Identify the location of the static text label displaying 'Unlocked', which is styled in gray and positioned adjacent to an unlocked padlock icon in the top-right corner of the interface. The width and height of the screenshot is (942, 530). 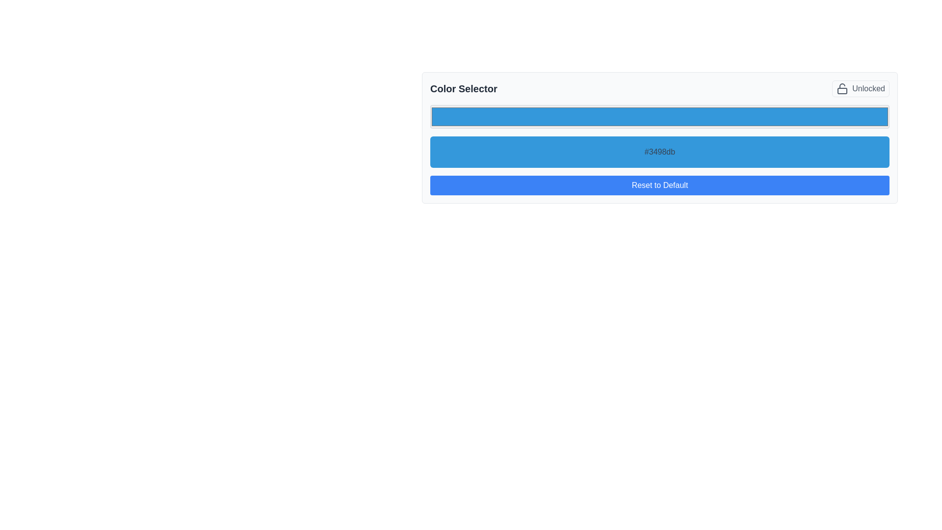
(868, 89).